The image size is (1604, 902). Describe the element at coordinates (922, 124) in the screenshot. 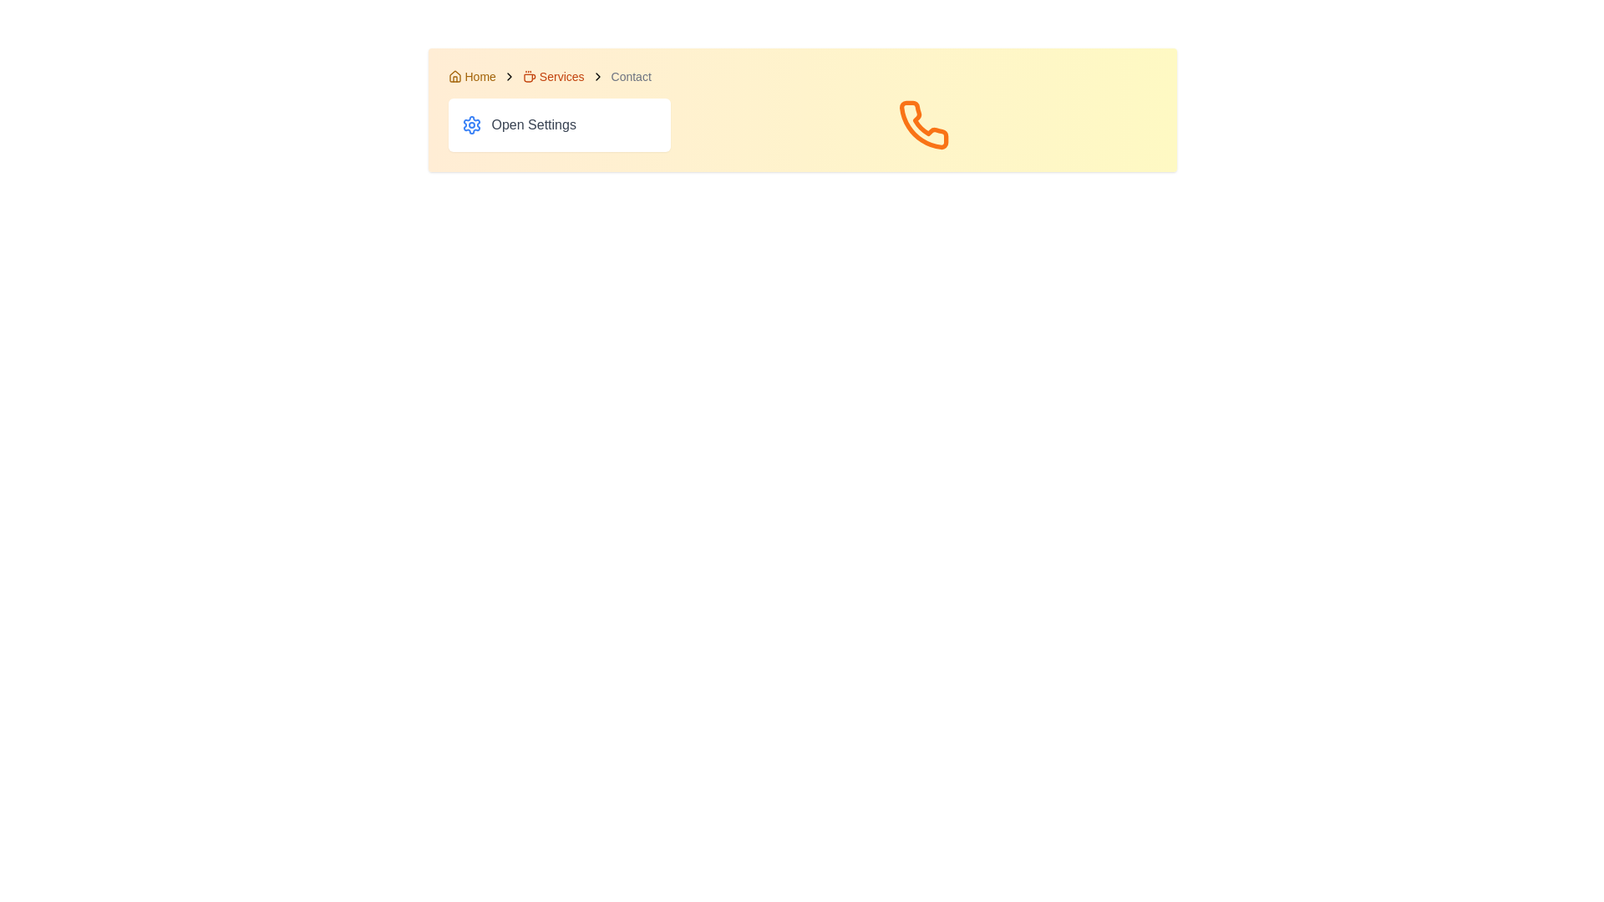

I see `the phone icon located in the upper right section of the light yellow background bar` at that location.